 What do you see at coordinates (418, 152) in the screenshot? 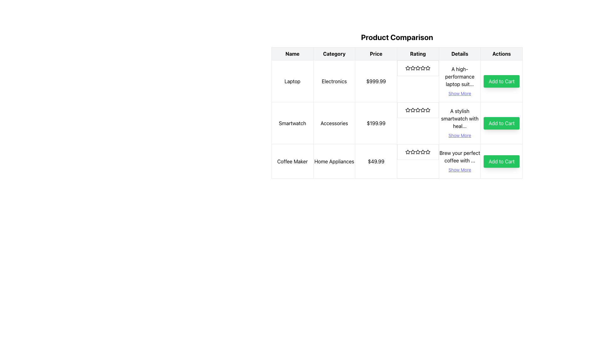
I see `the Rating bar located in the fourth column of the table corresponding to the Coffee Maker product in the third row` at bounding box center [418, 152].